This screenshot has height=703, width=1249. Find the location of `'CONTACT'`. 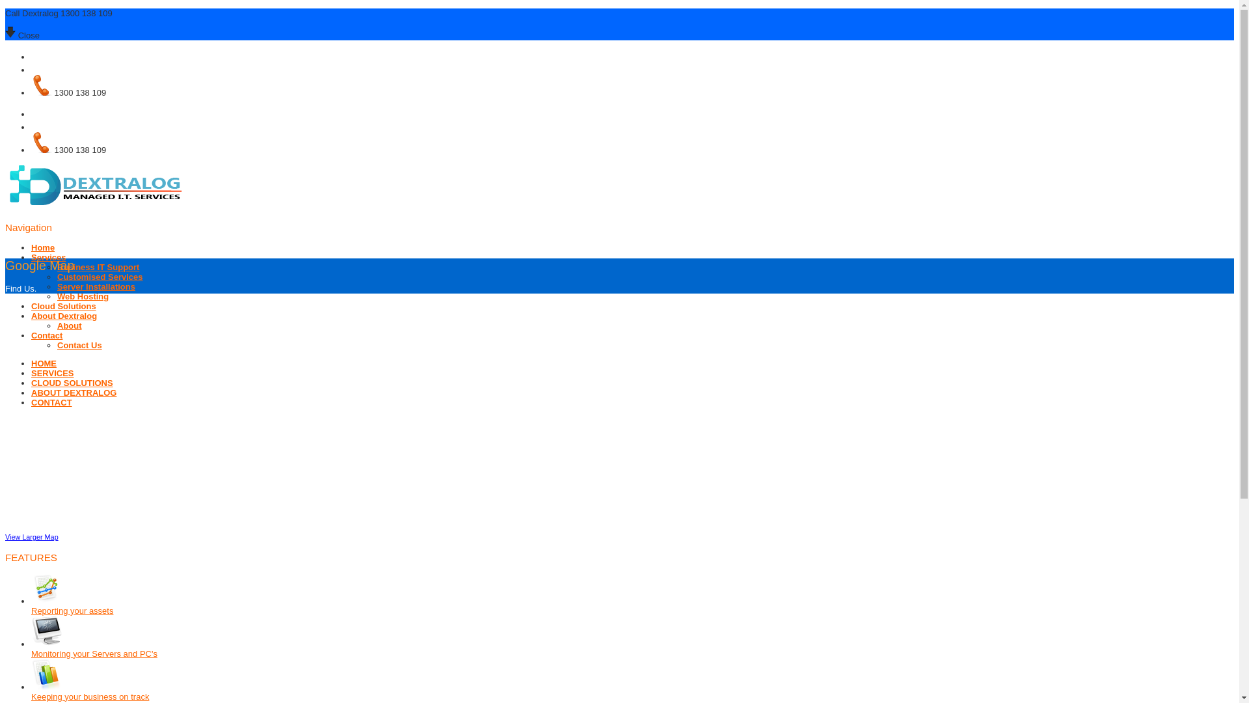

'CONTACT' is located at coordinates (31, 402).